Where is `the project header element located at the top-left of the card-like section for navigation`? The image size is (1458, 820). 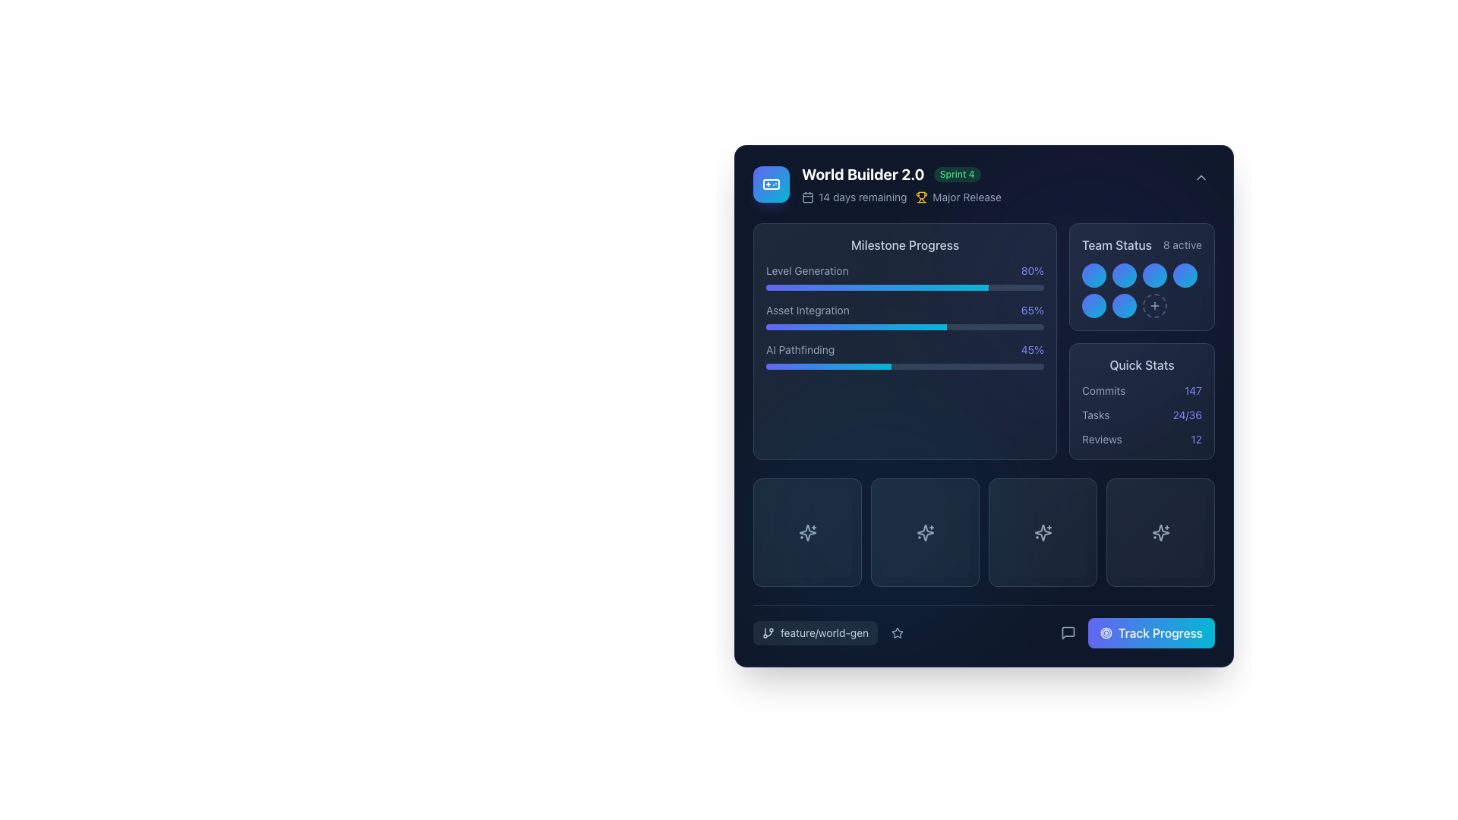 the project header element located at the top-left of the card-like section for navigation is located at coordinates (901, 184).